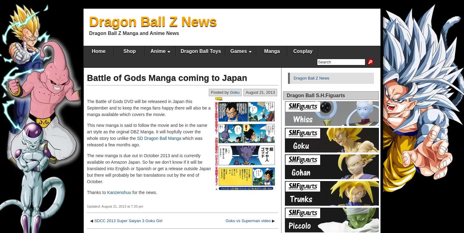 The height and width of the screenshot is (233, 464). Describe the element at coordinates (148, 168) in the screenshot. I see `'The new manga is due out in October 2013 and is currently available on Amazon Japan. So far we don’t know if it will be translated into English or Spanish or get a release outside Japan but there will probably be fan translations out by the end of October.'` at that location.